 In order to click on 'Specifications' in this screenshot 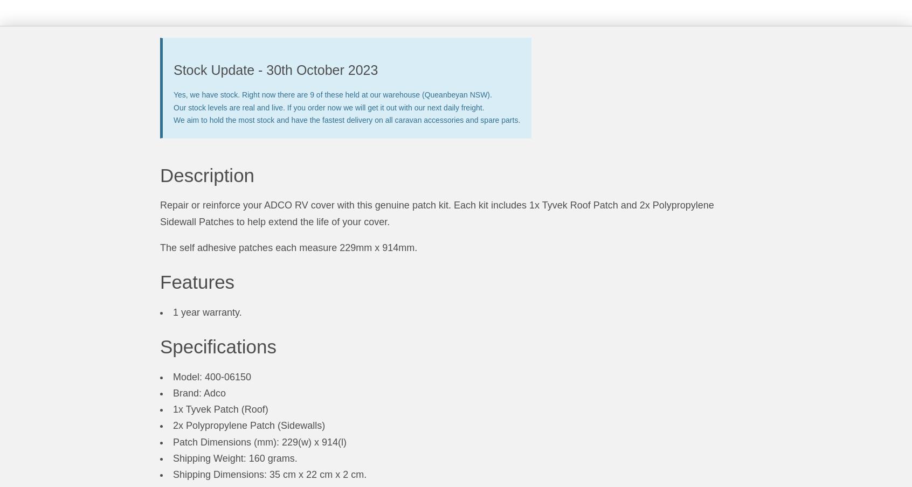, I will do `click(218, 346)`.